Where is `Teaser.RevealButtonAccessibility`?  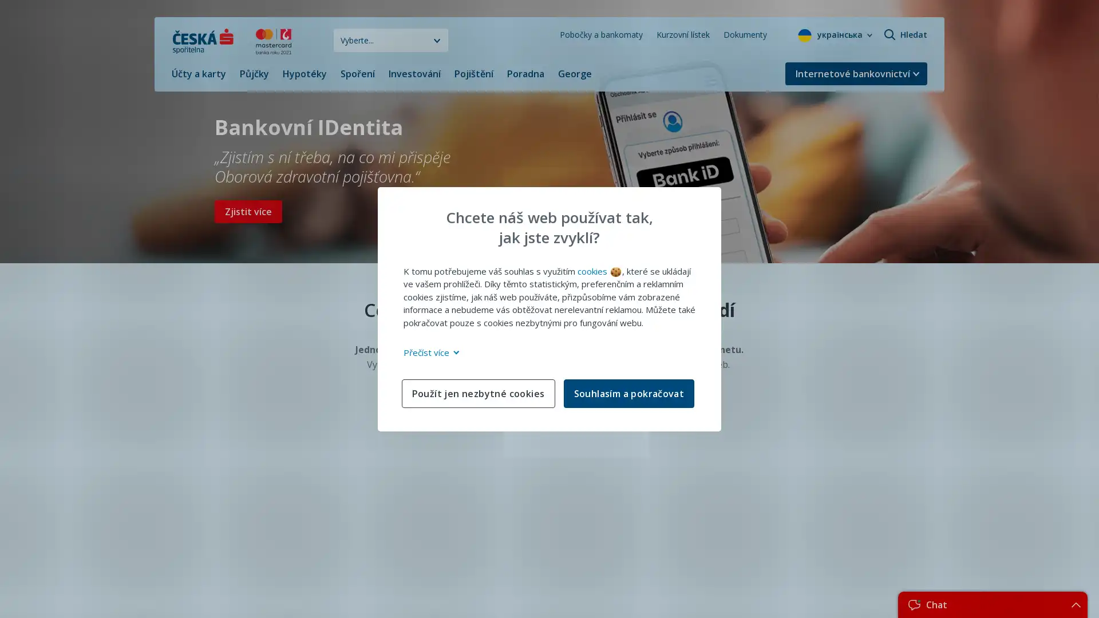 Teaser.RevealButtonAccessibility is located at coordinates (1076, 604).